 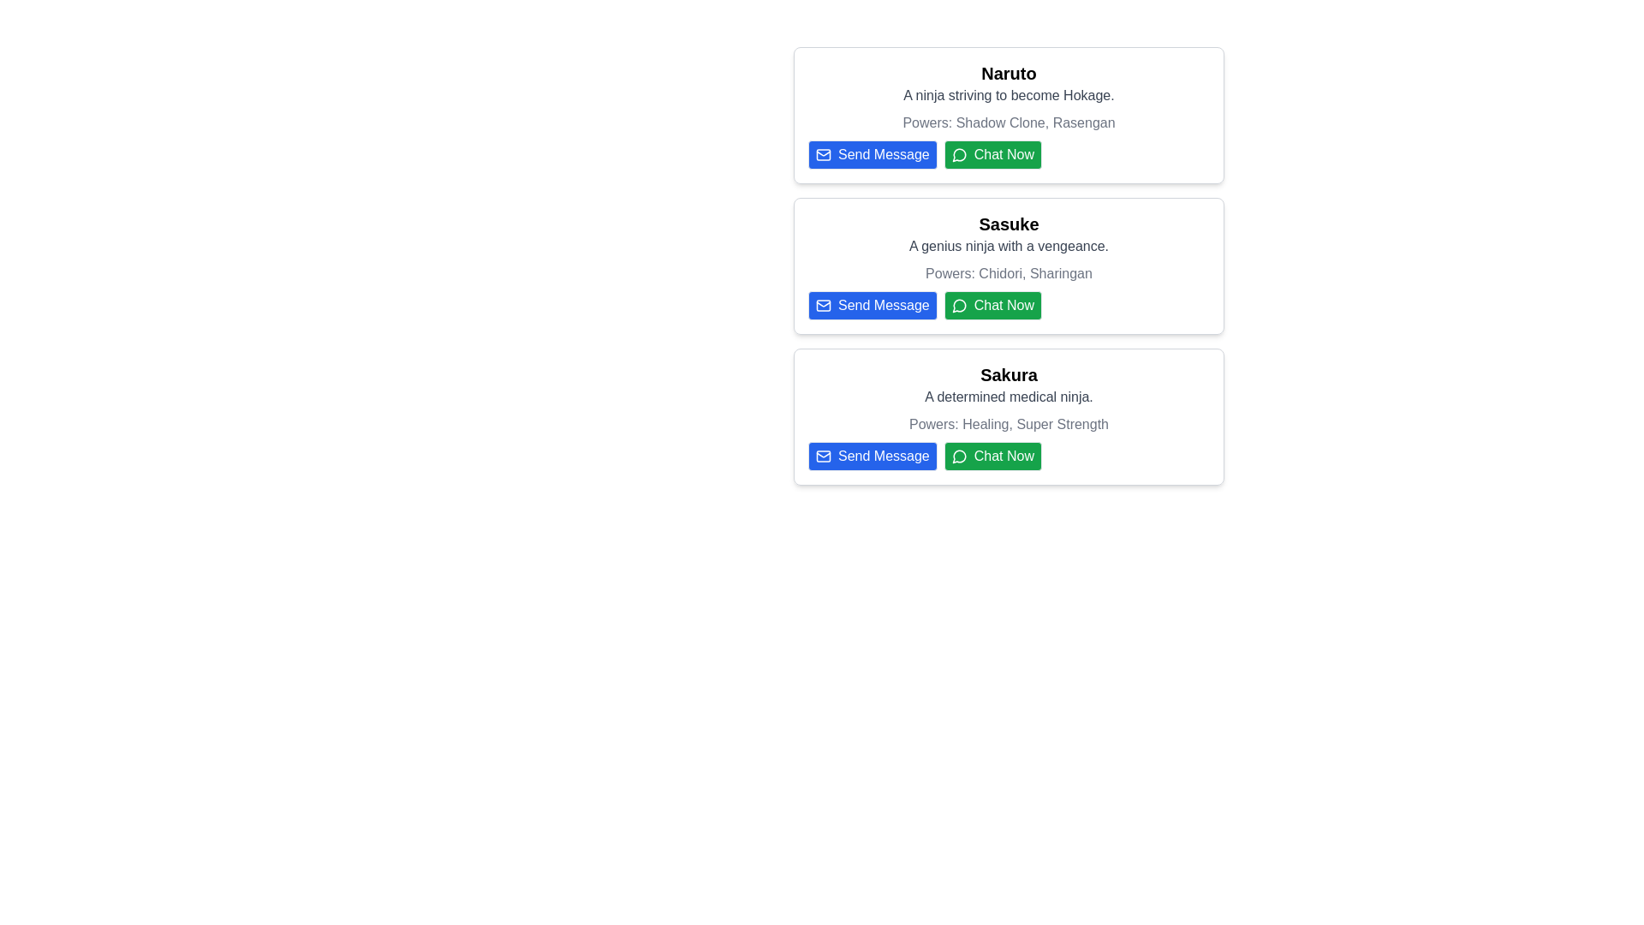 What do you see at coordinates (823, 455) in the screenshot?
I see `the mail envelope icon located at the leftmost side of the 'Send Message' button` at bounding box center [823, 455].